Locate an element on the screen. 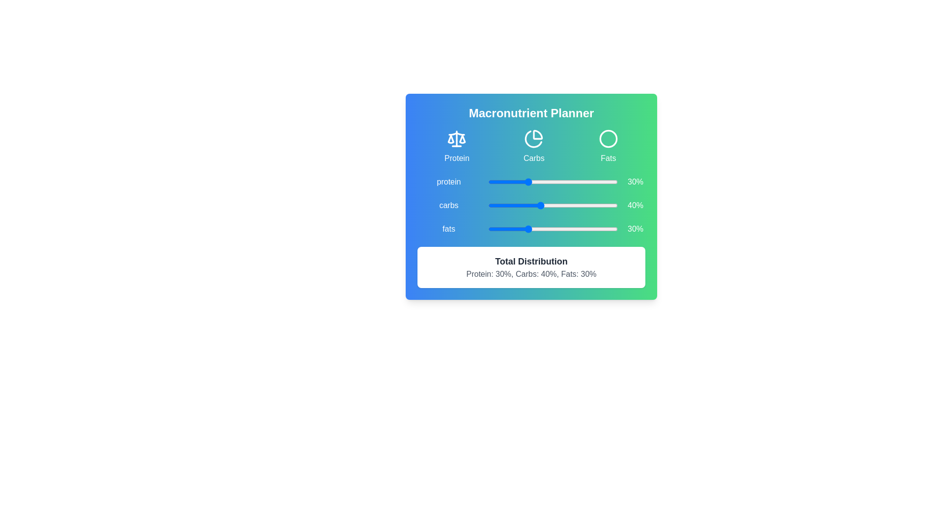 The image size is (943, 530). the carbohydrate intake icon in the macronutrient planner, which is the second icon positioned between the protein and fats icons, located directly above the 'Carbs' label is located at coordinates (533, 138).